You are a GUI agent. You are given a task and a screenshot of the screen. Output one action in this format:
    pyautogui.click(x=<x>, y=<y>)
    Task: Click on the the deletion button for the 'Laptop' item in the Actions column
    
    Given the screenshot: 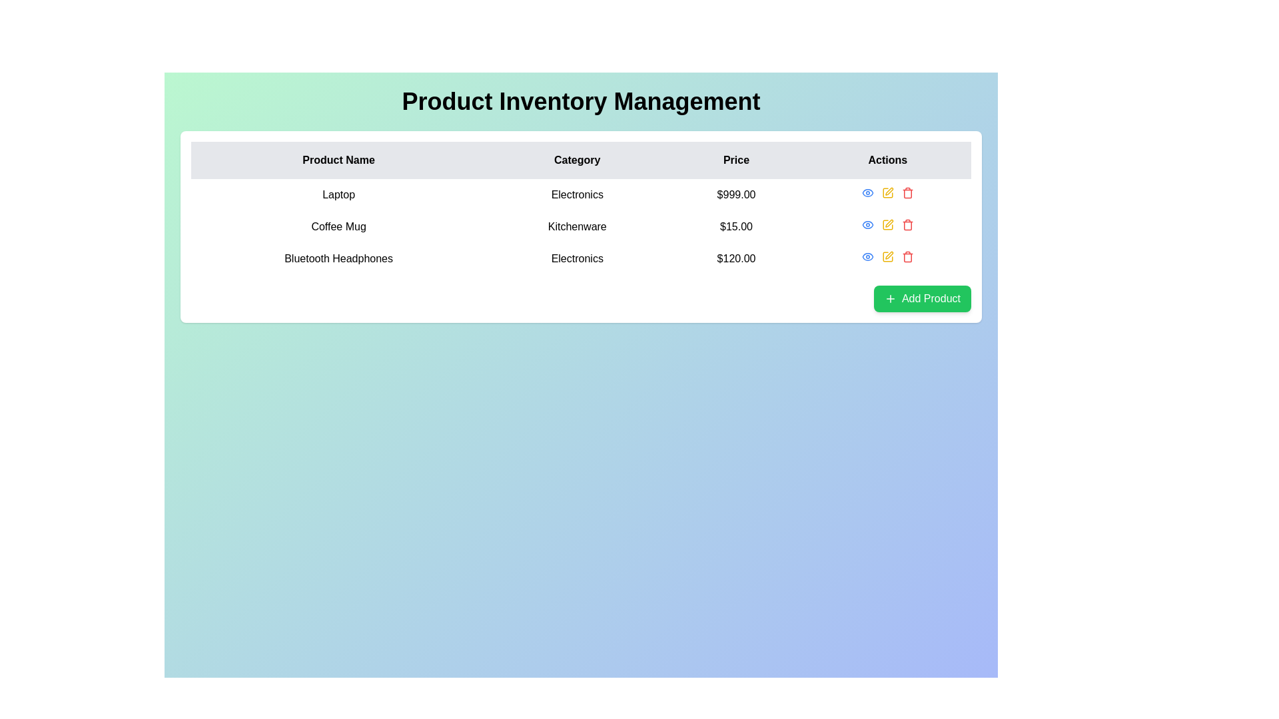 What is the action you would take?
    pyautogui.click(x=907, y=192)
    